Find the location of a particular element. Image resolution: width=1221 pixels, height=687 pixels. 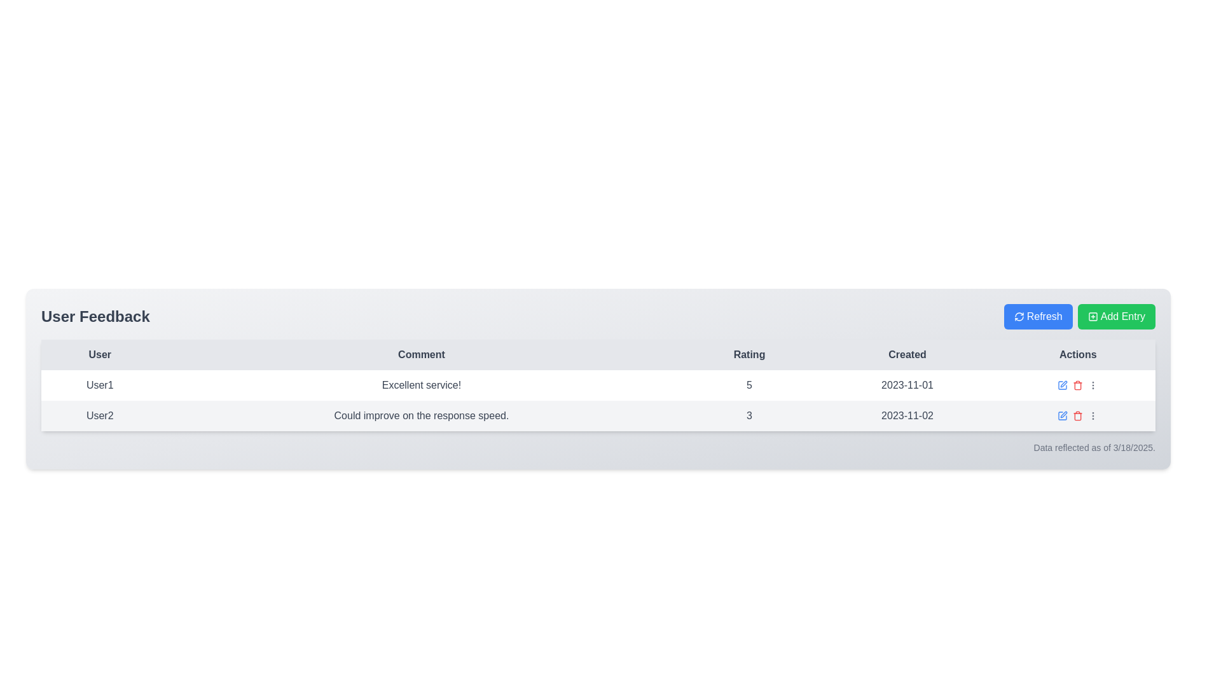

the static text label that presents feedback comments submitted by a user, located in the second cell of the second row within the 'Comment' column of the feedback table is located at coordinates (421, 384).